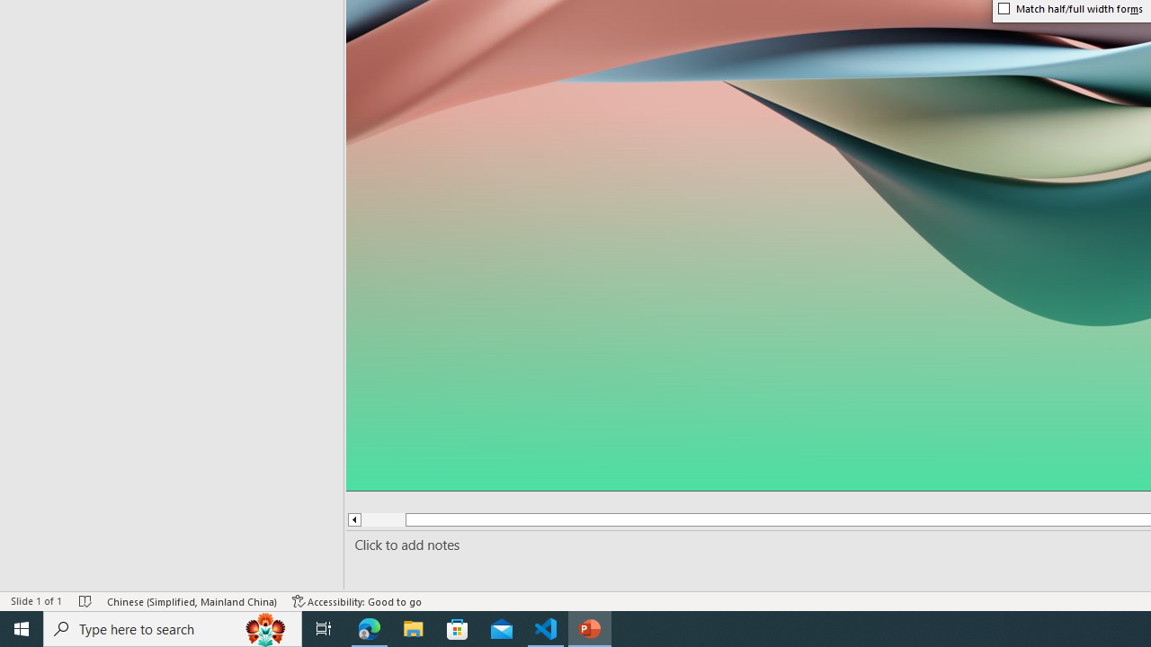 The width and height of the screenshot is (1151, 647). I want to click on 'Type here to search', so click(173, 627).